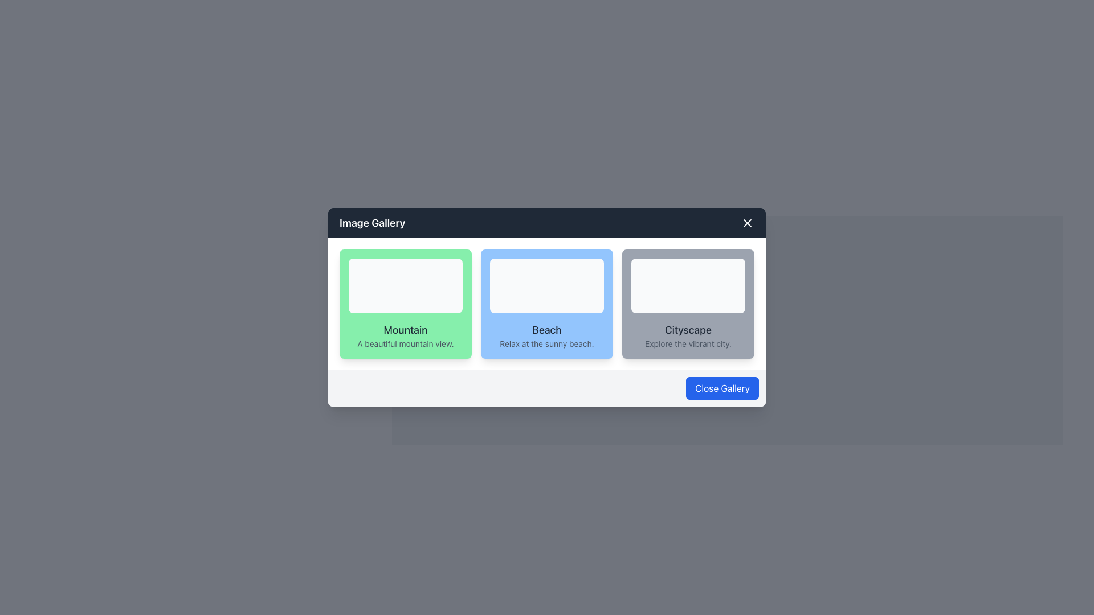 The width and height of the screenshot is (1094, 615). What do you see at coordinates (747, 223) in the screenshot?
I see `the close button located at the top-right corner of the modal header titled 'Image Gallery' to change its color` at bounding box center [747, 223].